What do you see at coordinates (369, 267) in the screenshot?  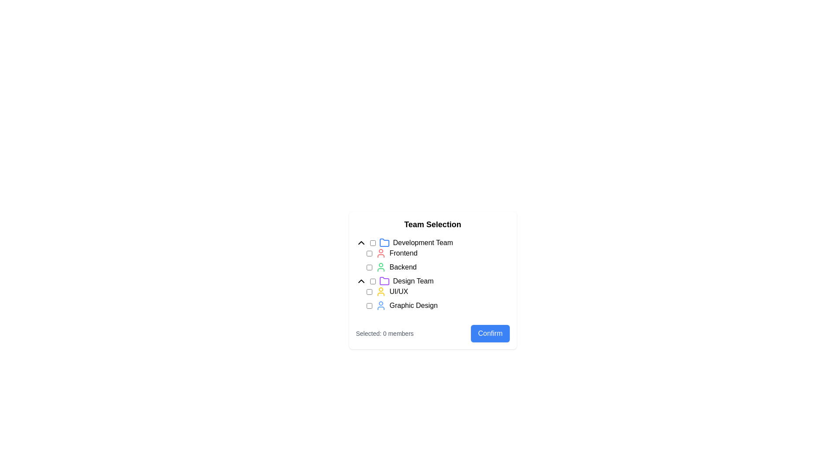 I see `the checkbox next to the label 'Backend'` at bounding box center [369, 267].